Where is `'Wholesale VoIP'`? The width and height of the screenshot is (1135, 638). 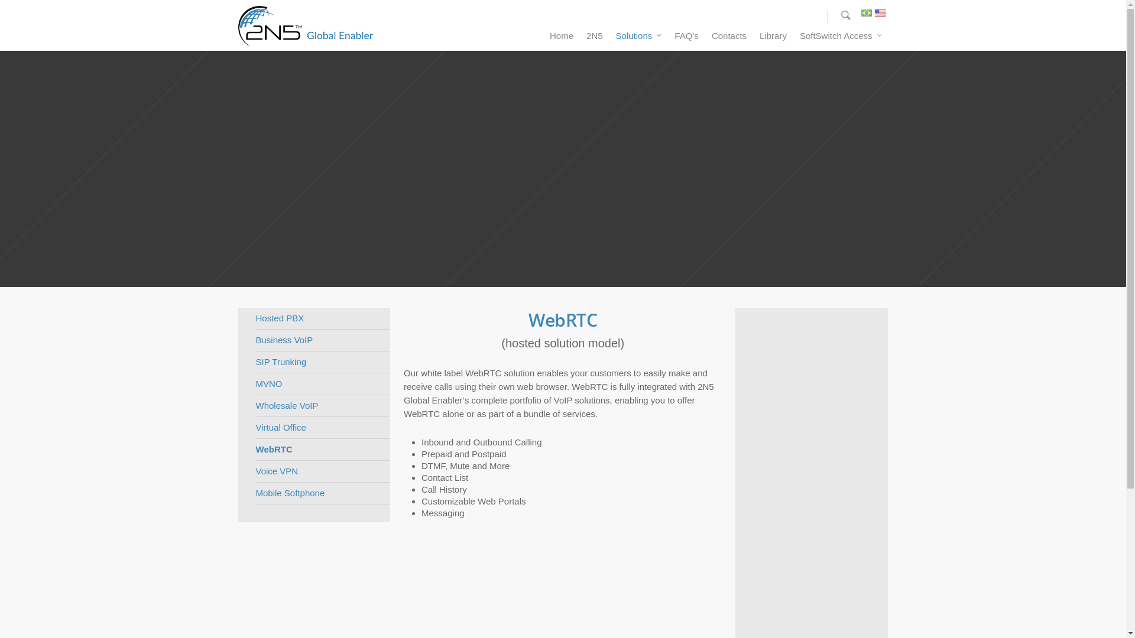 'Wholesale VoIP' is located at coordinates (322, 405).